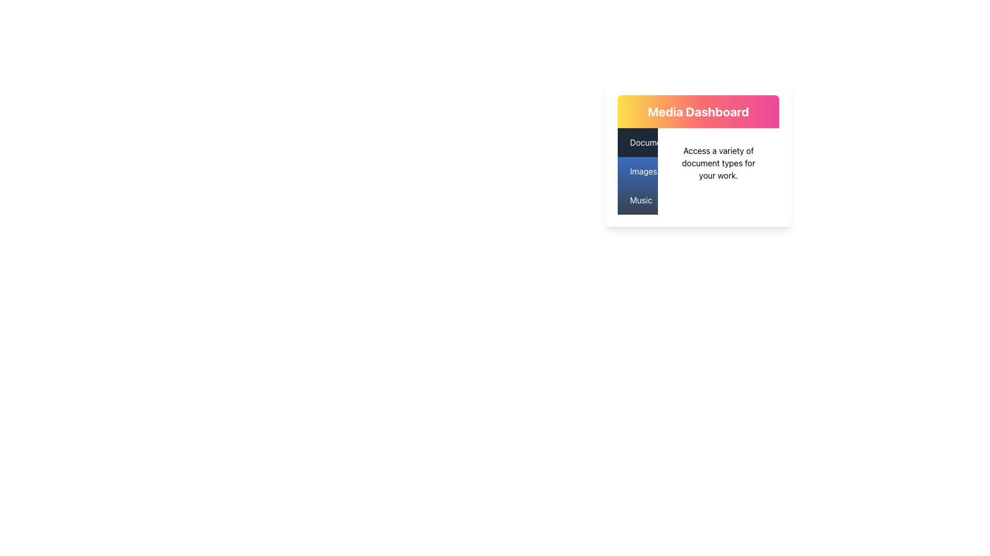  What do you see at coordinates (651, 143) in the screenshot?
I see `the first entry in the vertical list of options under 'Media Dashboard'` at bounding box center [651, 143].